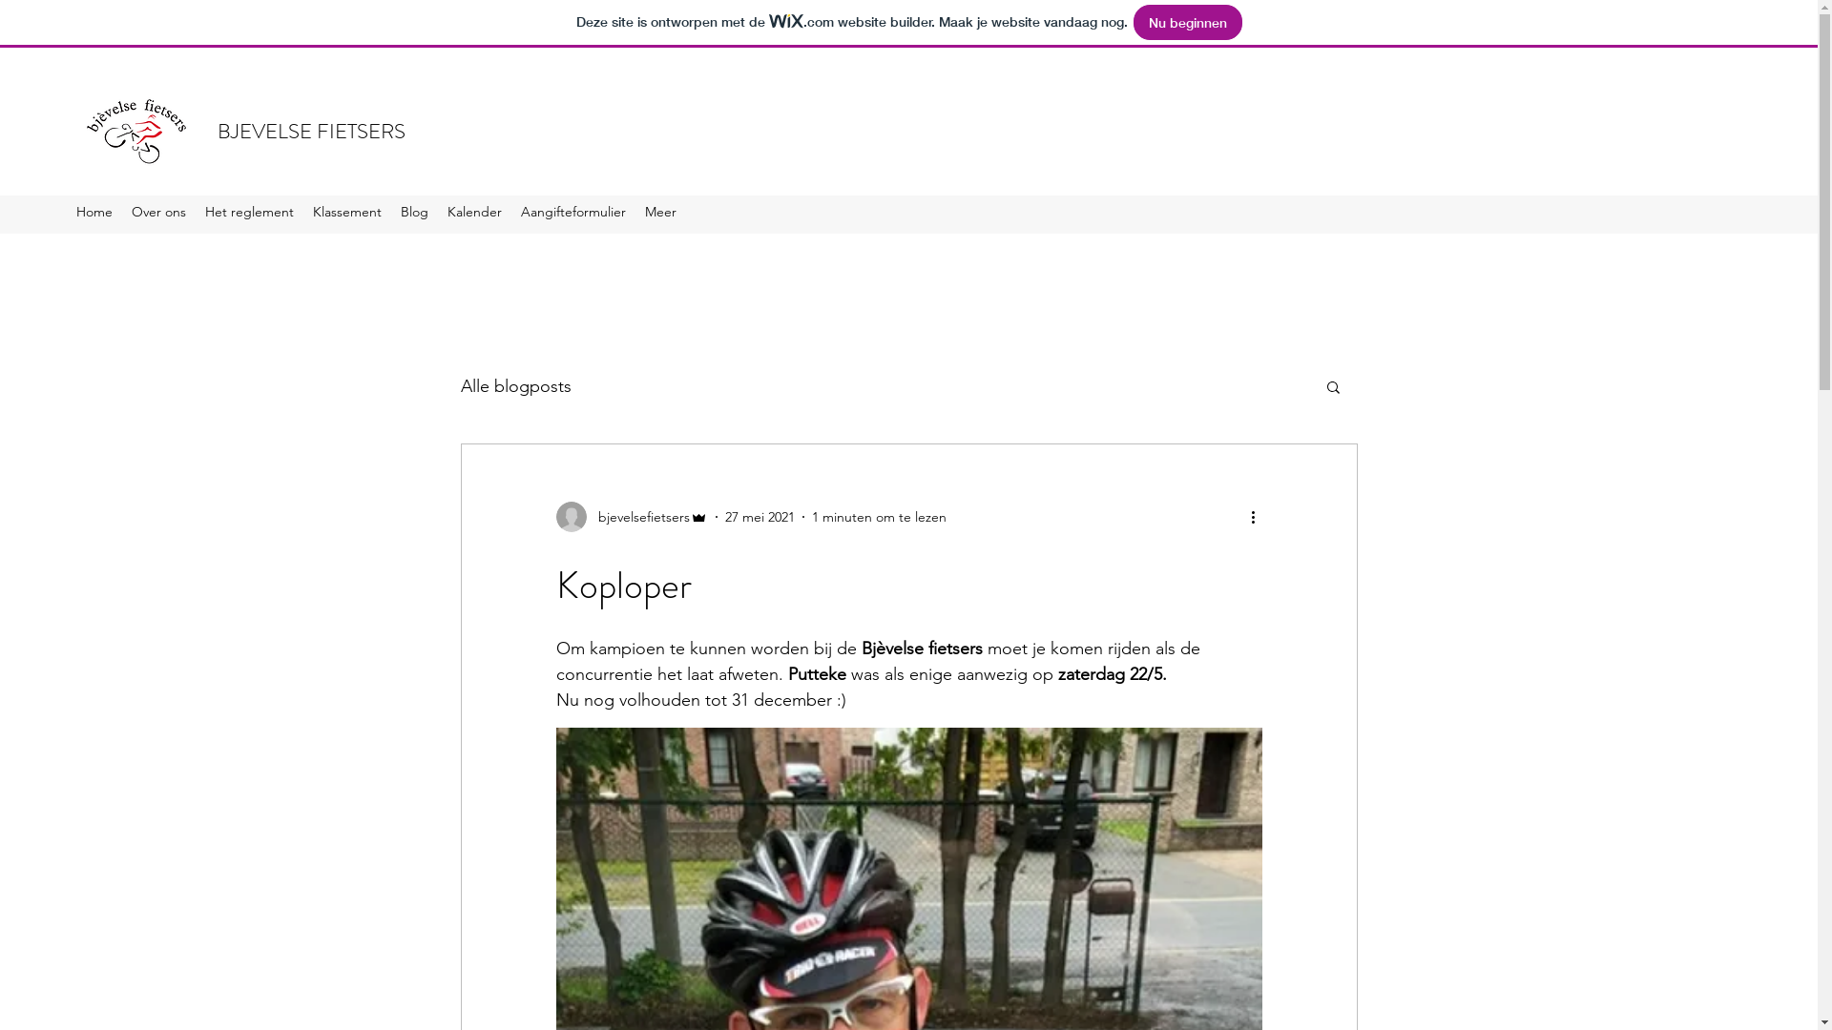 This screenshot has width=1832, height=1030. Describe the element at coordinates (94, 214) in the screenshot. I see `'Home'` at that location.